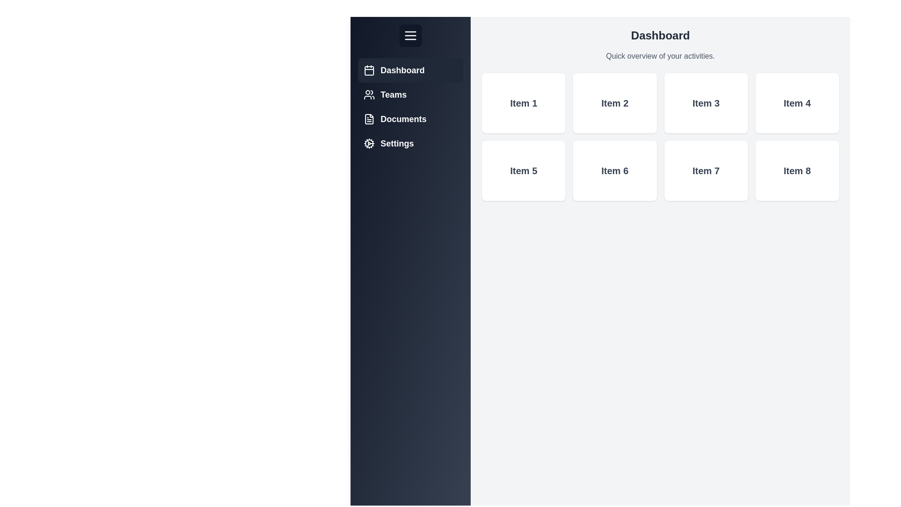  Describe the element at coordinates (410, 35) in the screenshot. I see `toggle button to open or close the navigation drawer` at that location.